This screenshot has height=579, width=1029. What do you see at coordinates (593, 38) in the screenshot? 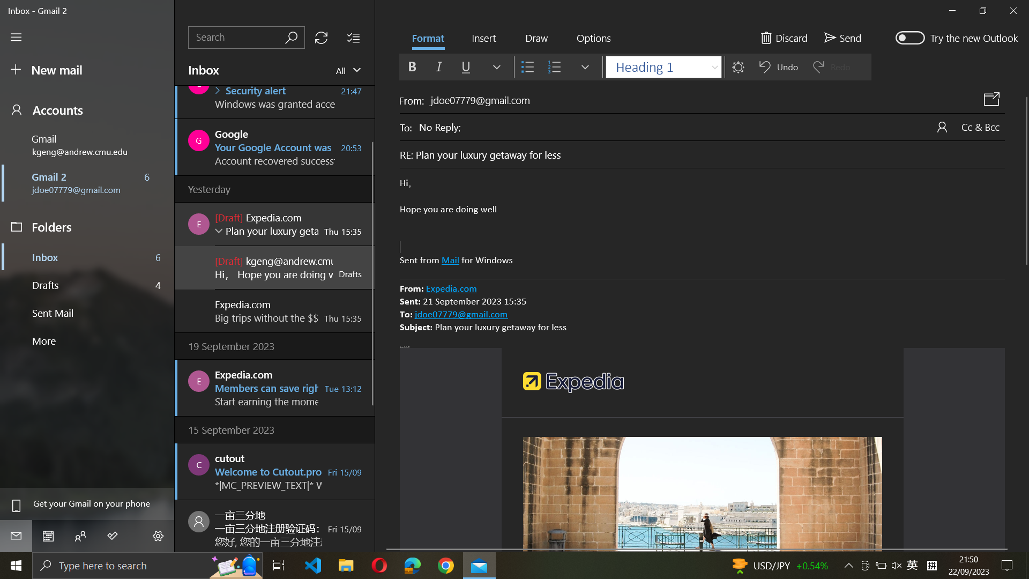
I see `From the Options list, move down and select the initial option` at bounding box center [593, 38].